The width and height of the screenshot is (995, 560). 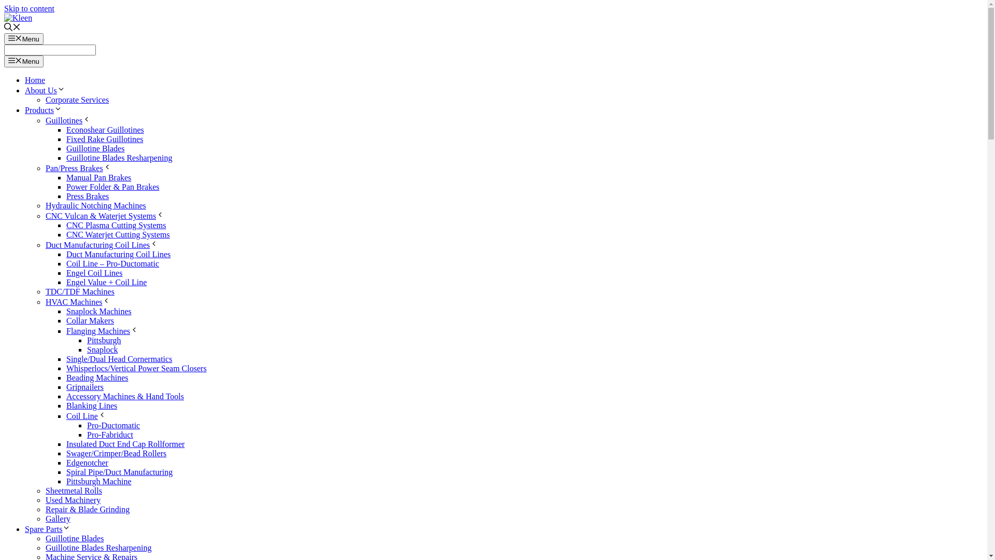 What do you see at coordinates (102, 331) in the screenshot?
I see `'Flanging Machines'` at bounding box center [102, 331].